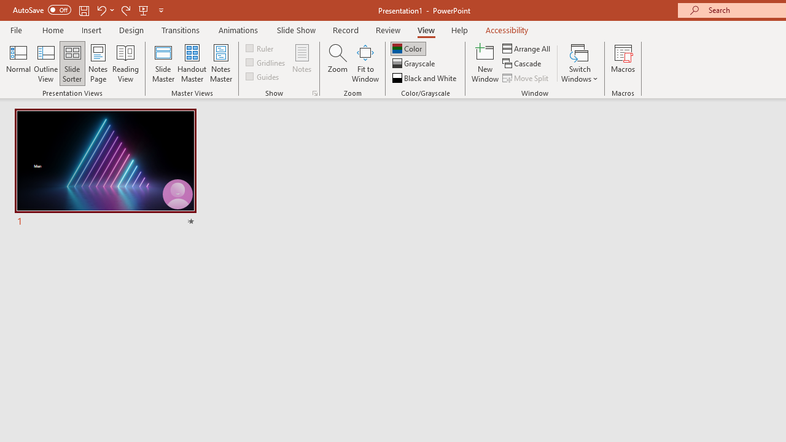  I want to click on 'New Window', so click(484, 63).